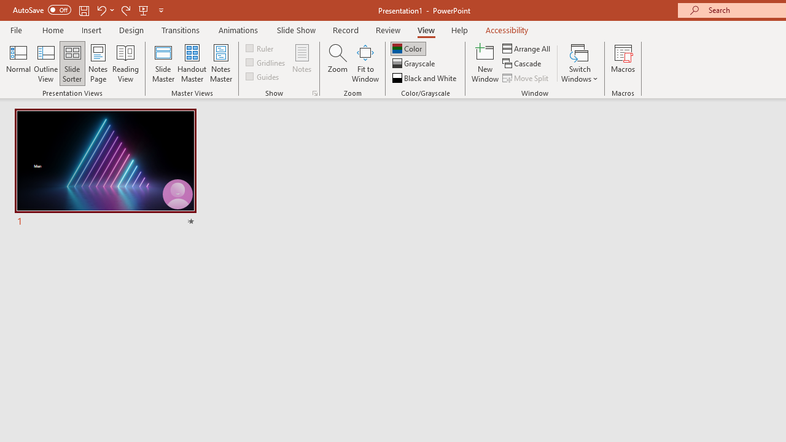  I want to click on 'New Window', so click(484, 63).